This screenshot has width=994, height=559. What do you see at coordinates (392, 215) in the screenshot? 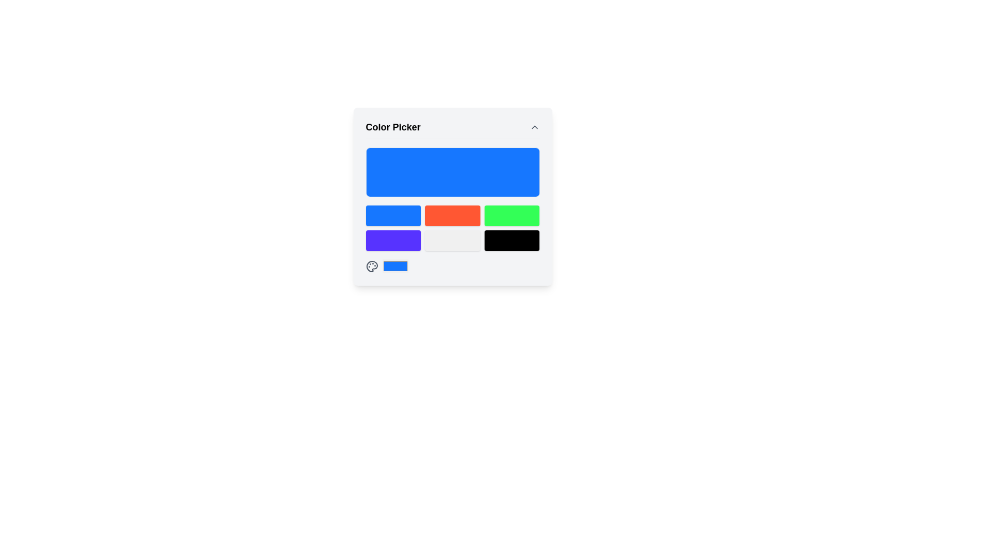
I see `the top-left button in the Color Picker grid` at bounding box center [392, 215].